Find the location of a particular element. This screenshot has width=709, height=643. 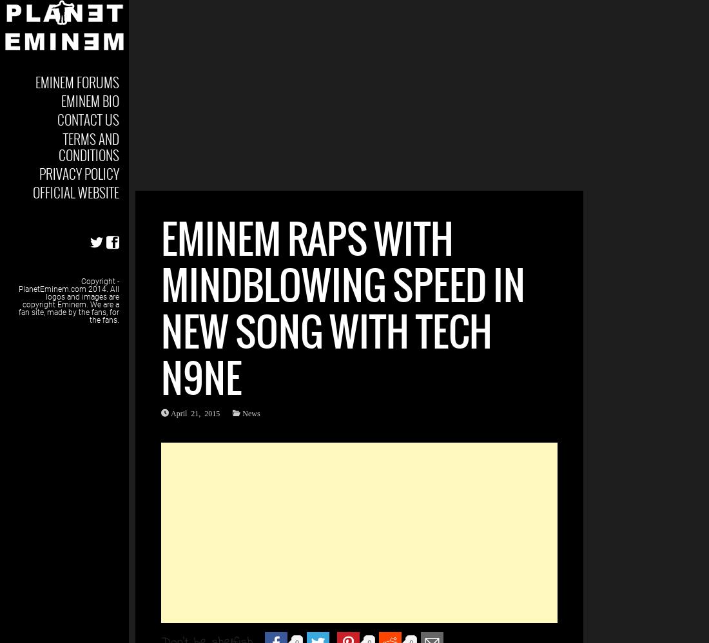

'Official Website' is located at coordinates (76, 191).